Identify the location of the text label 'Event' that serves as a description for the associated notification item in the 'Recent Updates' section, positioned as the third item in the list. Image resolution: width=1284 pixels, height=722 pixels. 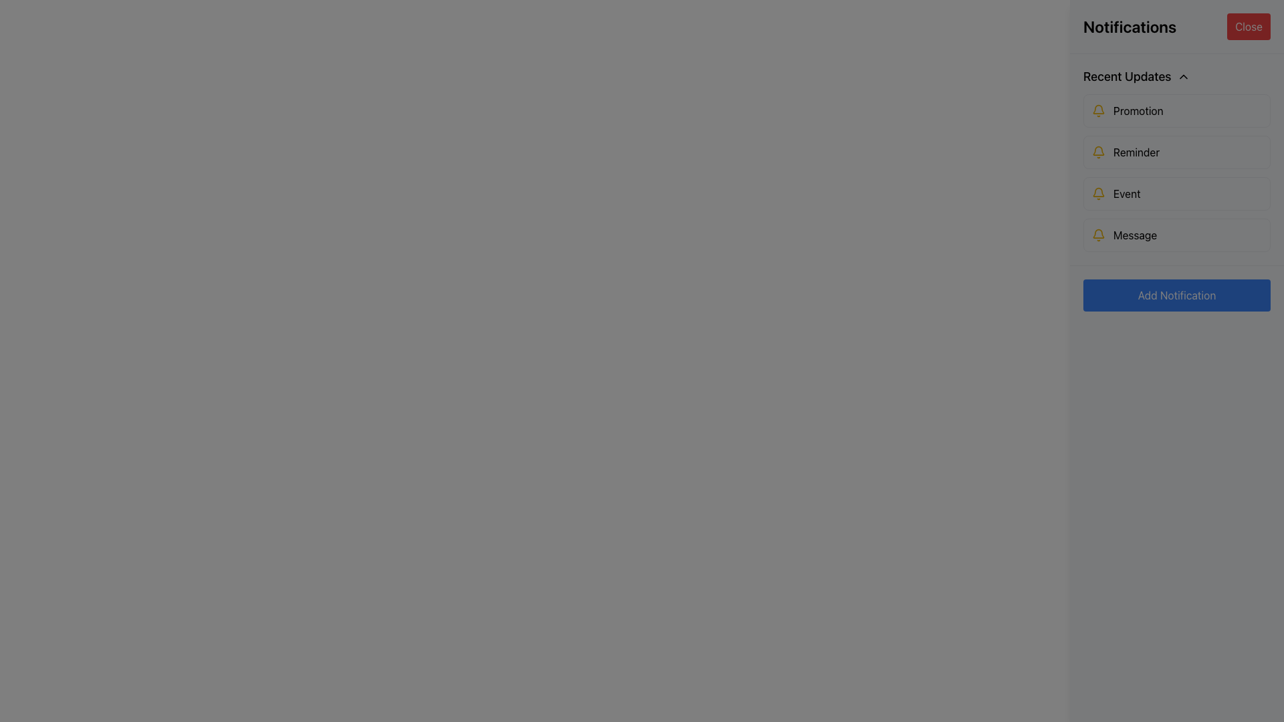
(1126, 193).